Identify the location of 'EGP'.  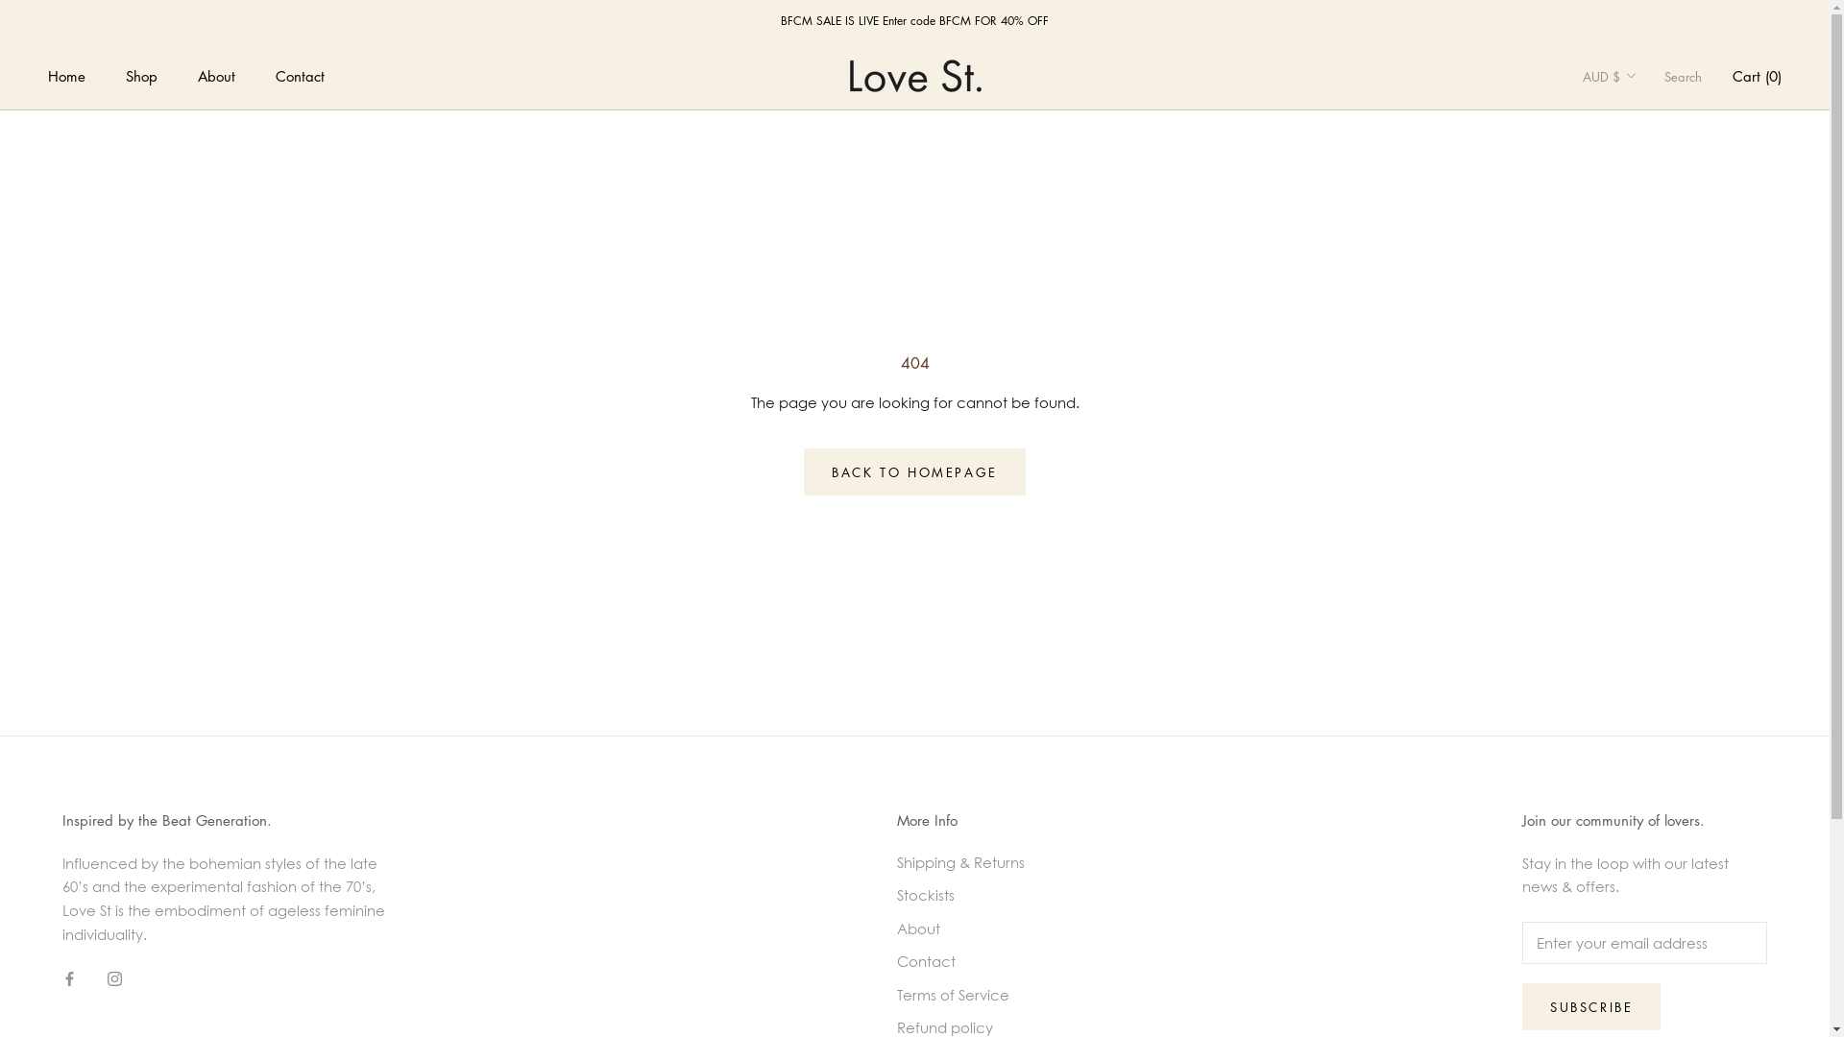
(1582, 995).